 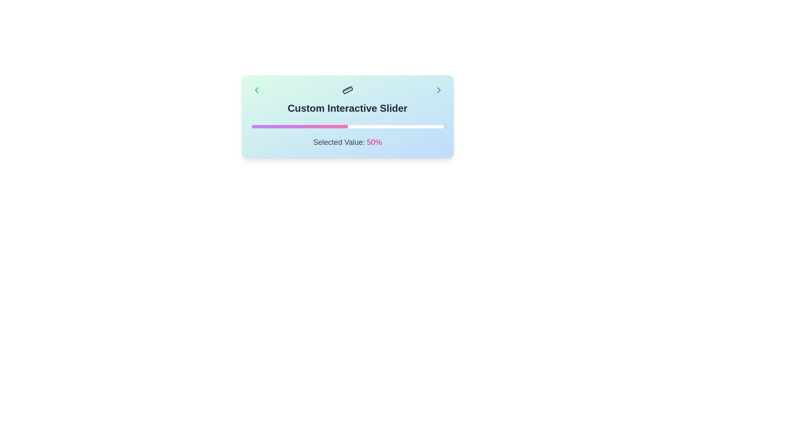 What do you see at coordinates (374, 142) in the screenshot?
I see `the text element displaying '50%' in bold pink color, part of the sentence 'Selected Value: 50%'` at bounding box center [374, 142].